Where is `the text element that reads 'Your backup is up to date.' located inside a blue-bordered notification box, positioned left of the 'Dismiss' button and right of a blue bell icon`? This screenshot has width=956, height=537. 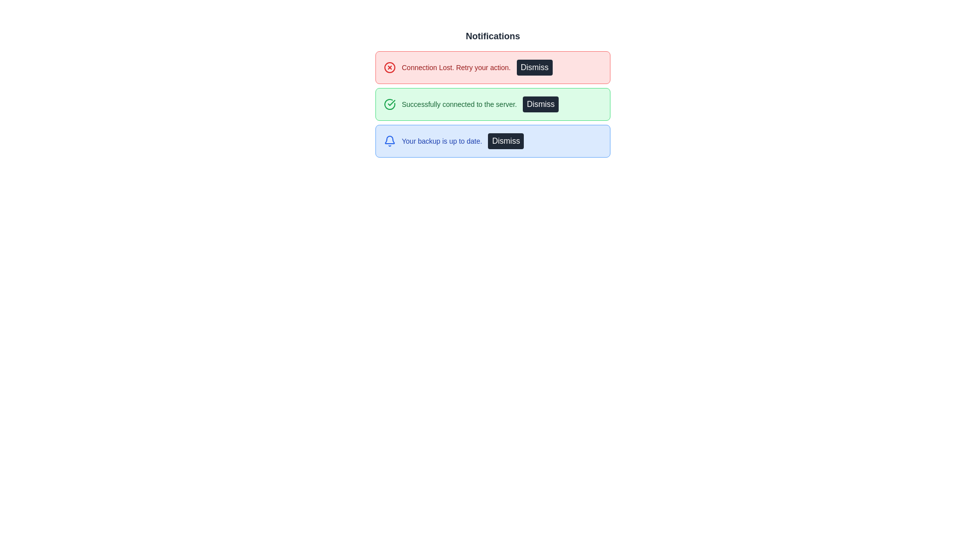 the text element that reads 'Your backup is up to date.' located inside a blue-bordered notification box, positioned left of the 'Dismiss' button and right of a blue bell icon is located at coordinates (441, 141).